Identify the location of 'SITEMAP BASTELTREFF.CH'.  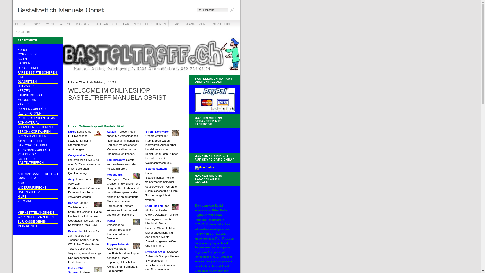
(37, 174).